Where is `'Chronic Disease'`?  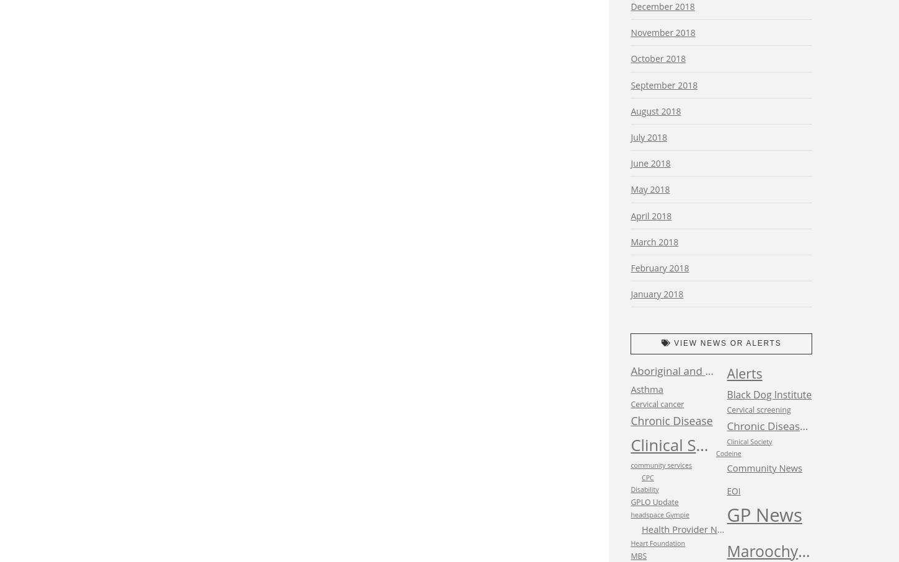
'Chronic Disease' is located at coordinates (631, 419).